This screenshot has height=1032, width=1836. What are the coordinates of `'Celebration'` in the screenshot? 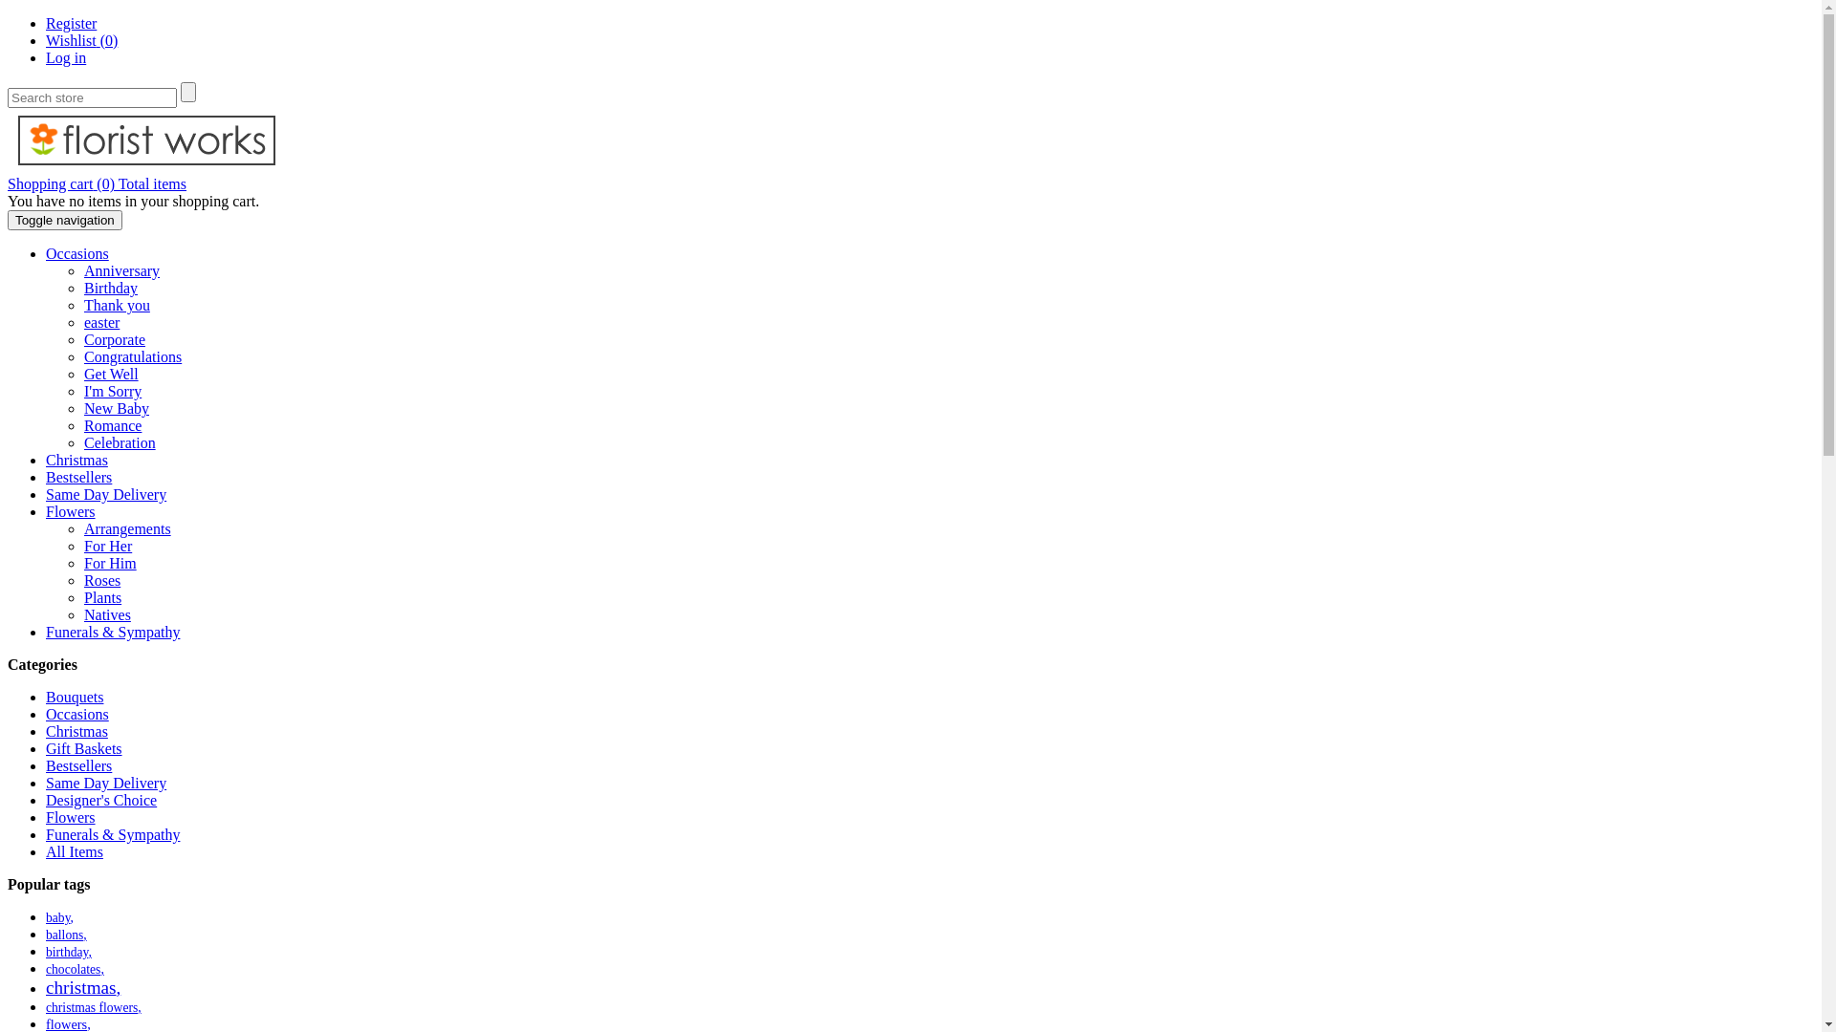 It's located at (119, 442).